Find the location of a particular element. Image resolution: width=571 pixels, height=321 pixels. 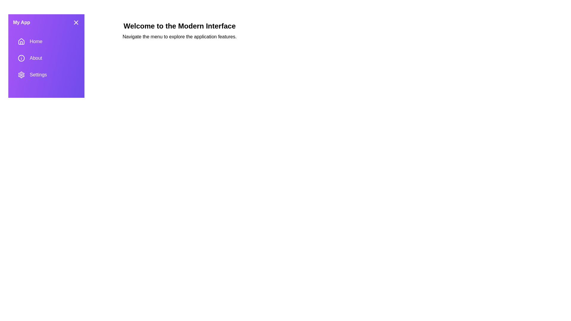

the drawer section labeled Settings is located at coordinates (46, 74).